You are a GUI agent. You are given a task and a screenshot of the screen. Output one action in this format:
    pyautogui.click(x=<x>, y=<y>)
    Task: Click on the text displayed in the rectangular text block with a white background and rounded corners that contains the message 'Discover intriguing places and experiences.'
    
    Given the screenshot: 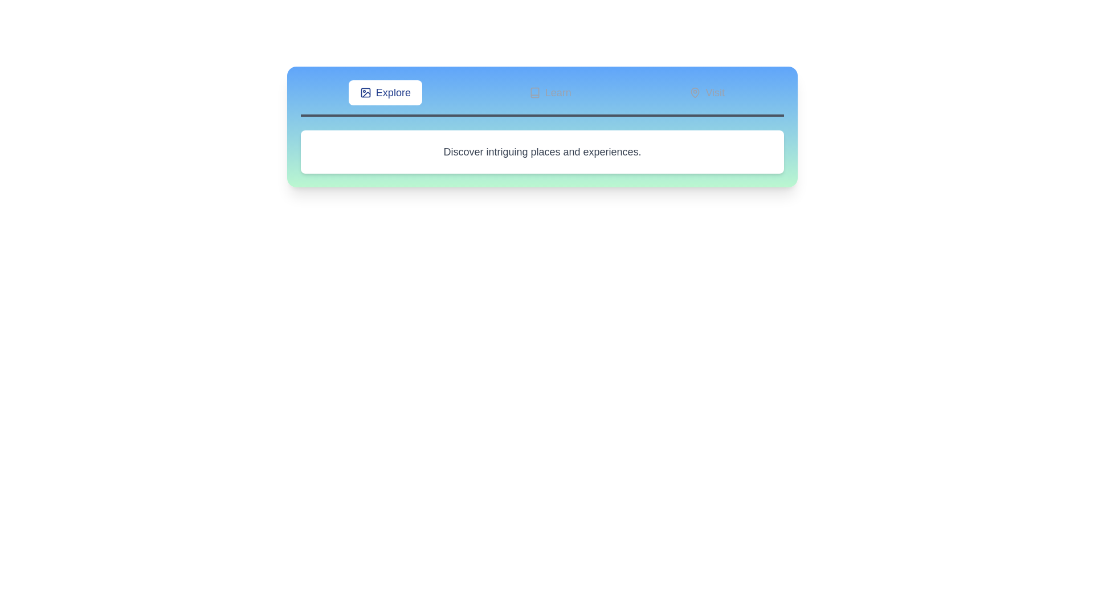 What is the action you would take?
    pyautogui.click(x=541, y=151)
    